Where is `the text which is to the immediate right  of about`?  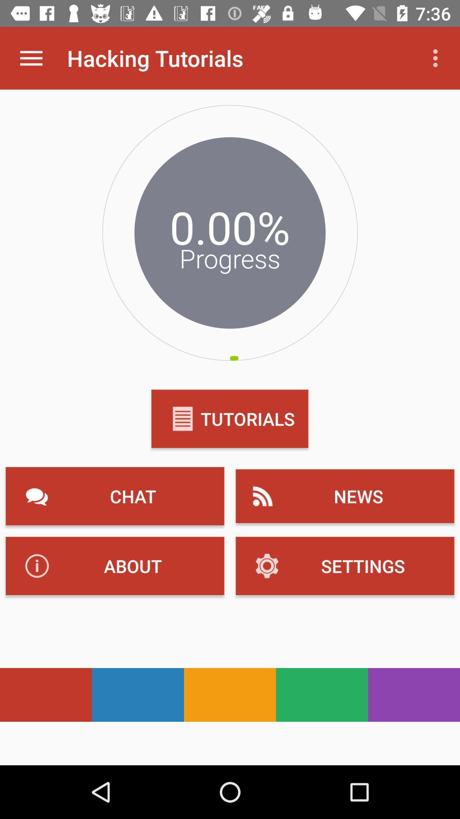 the text which is to the immediate right  of about is located at coordinates (345, 566).